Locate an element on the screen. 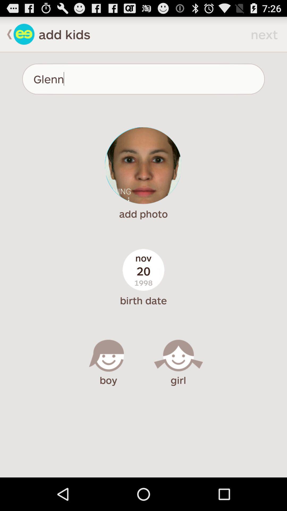  the arrow_backward icon is located at coordinates (7, 36).